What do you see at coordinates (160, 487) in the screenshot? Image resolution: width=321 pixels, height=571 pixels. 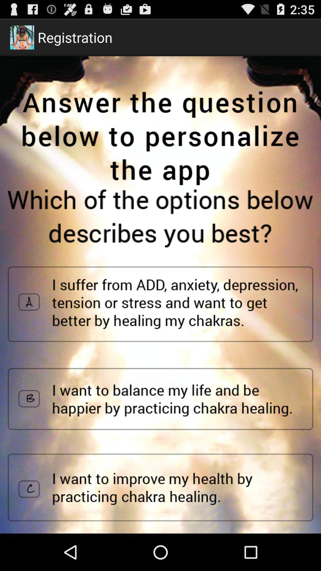 I see `answer selection` at bounding box center [160, 487].